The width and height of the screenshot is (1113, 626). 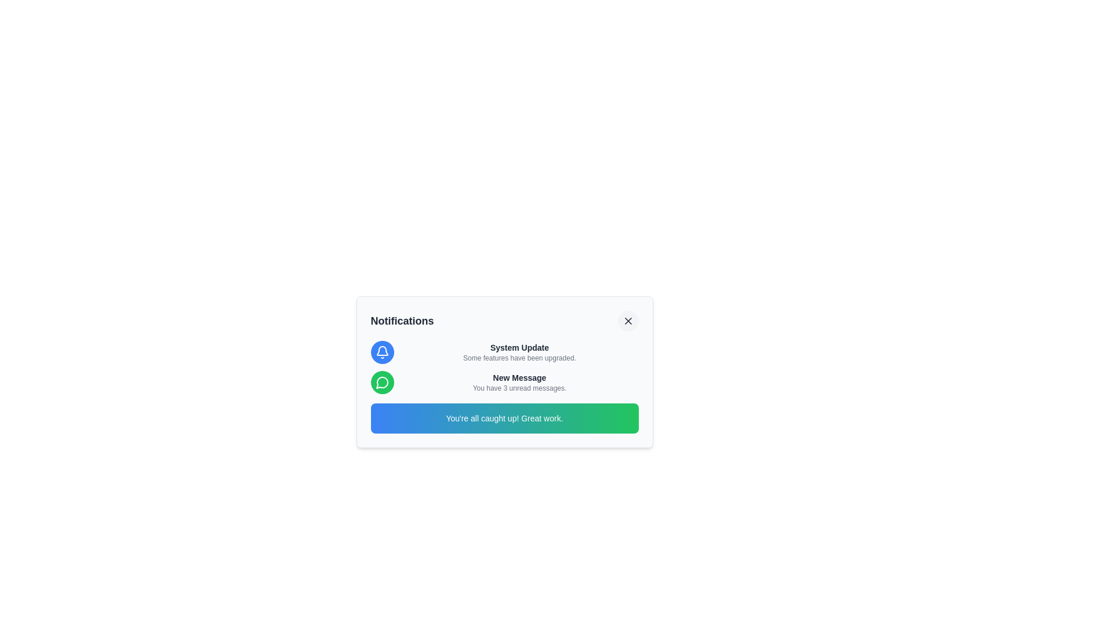 What do you see at coordinates (519, 357) in the screenshot?
I see `textual notification that states 'Some features have been upgraded.', which is styled in a small gray font and positioned below the 'System Update' label in the notifications section` at bounding box center [519, 357].